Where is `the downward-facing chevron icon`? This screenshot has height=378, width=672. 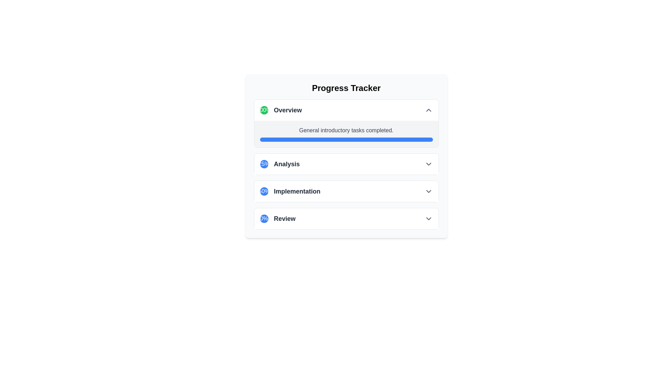
the downward-facing chevron icon is located at coordinates (428, 164).